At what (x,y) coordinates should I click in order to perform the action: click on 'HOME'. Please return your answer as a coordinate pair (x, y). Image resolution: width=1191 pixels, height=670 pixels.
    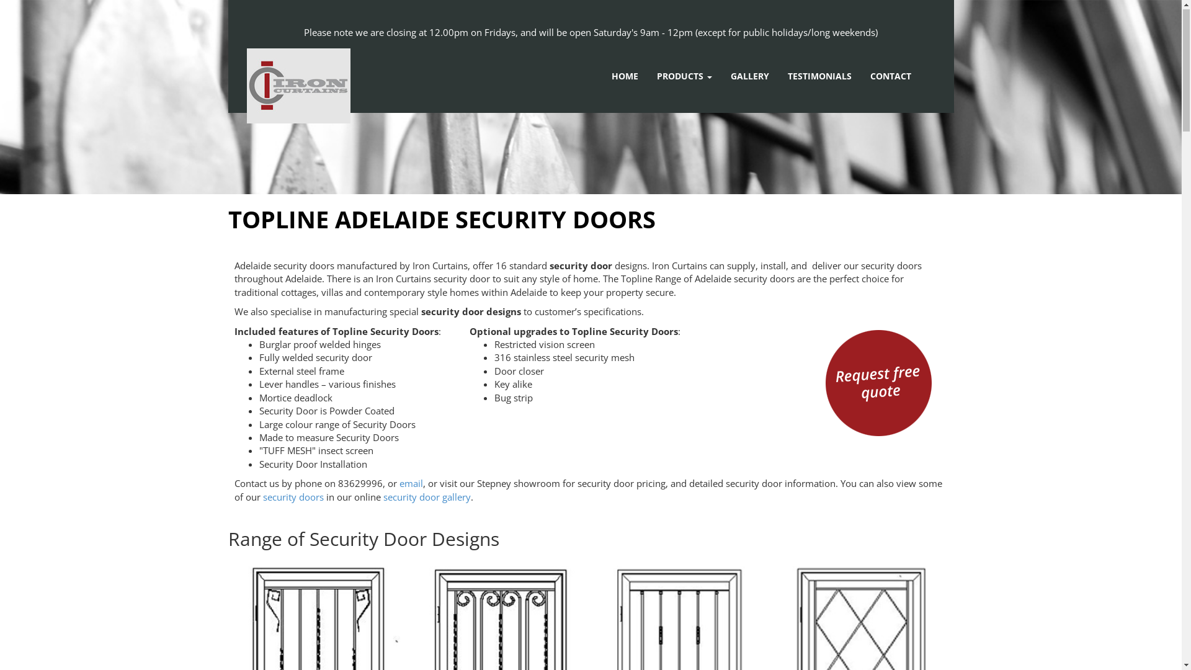
    Looking at the image, I should click on (625, 76).